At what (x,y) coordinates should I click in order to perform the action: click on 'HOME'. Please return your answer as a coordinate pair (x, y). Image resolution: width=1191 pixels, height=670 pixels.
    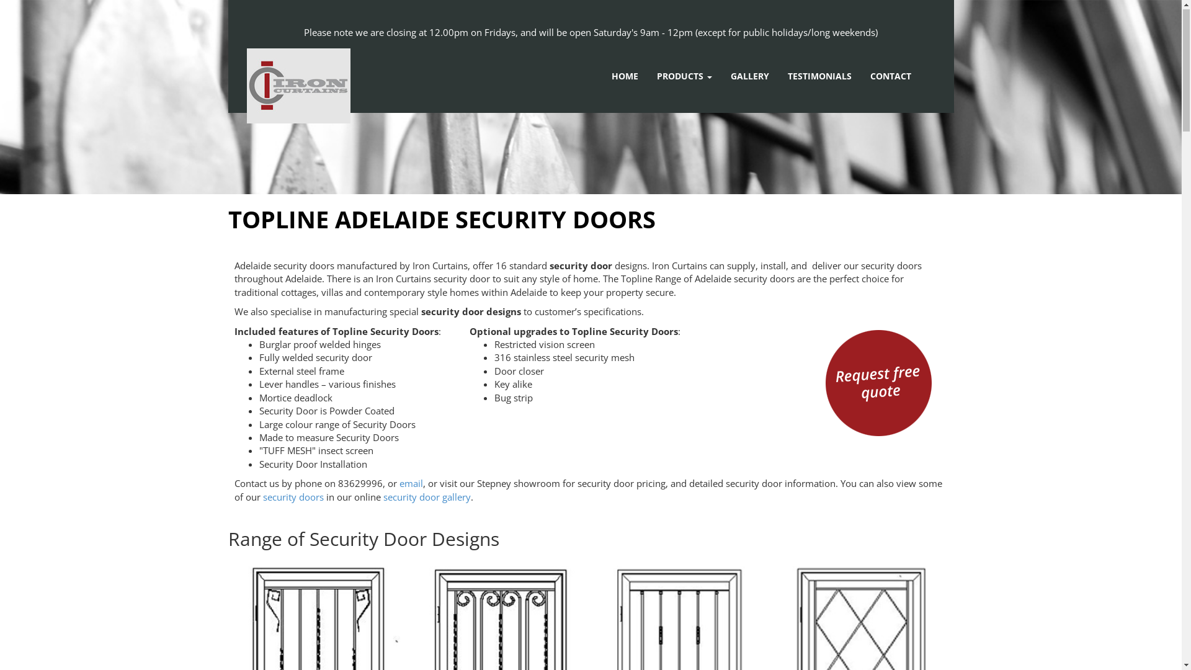
    Looking at the image, I should click on (625, 76).